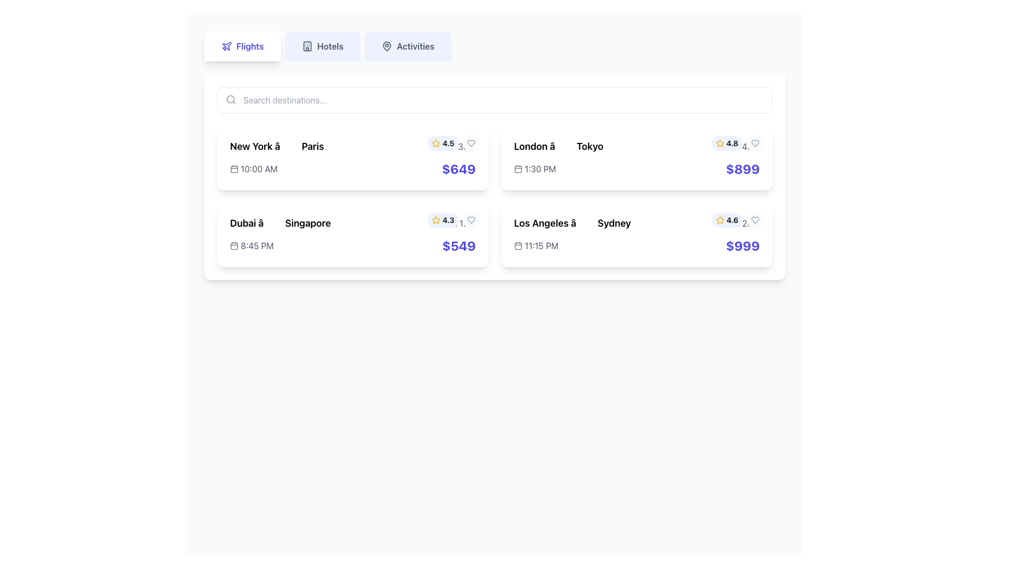  I want to click on the Rating display for the 'Los Angeles to Sydney' flight option, which features a yellow star icon and the text '4.6' in black on a light indigo background, so click(727, 219).